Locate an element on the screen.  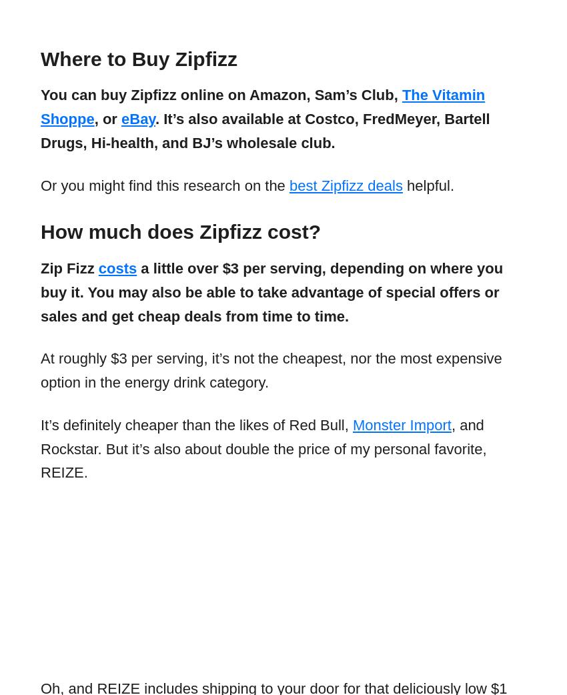
', and Rockstar. But it’s also about double the price of my personal favorite, REIZE.' is located at coordinates (263, 448).